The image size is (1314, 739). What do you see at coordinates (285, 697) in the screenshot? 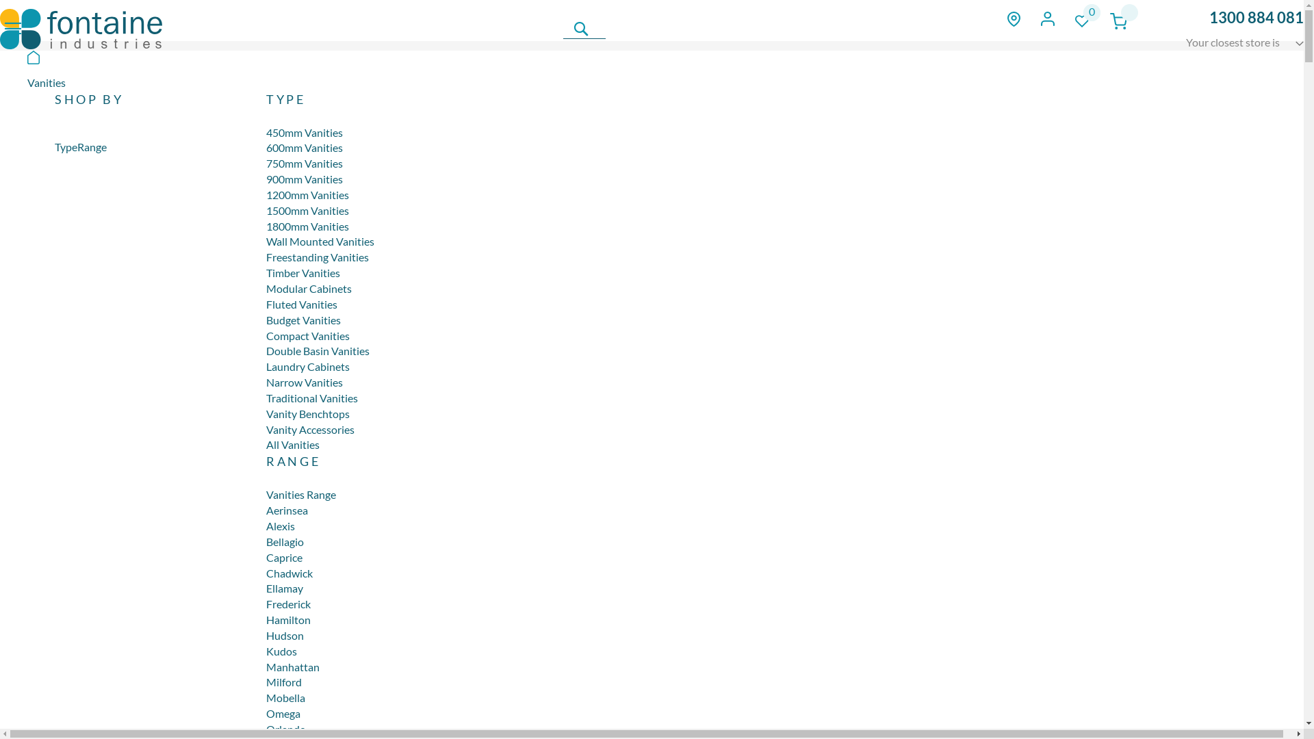
I see `'Mobella'` at bounding box center [285, 697].